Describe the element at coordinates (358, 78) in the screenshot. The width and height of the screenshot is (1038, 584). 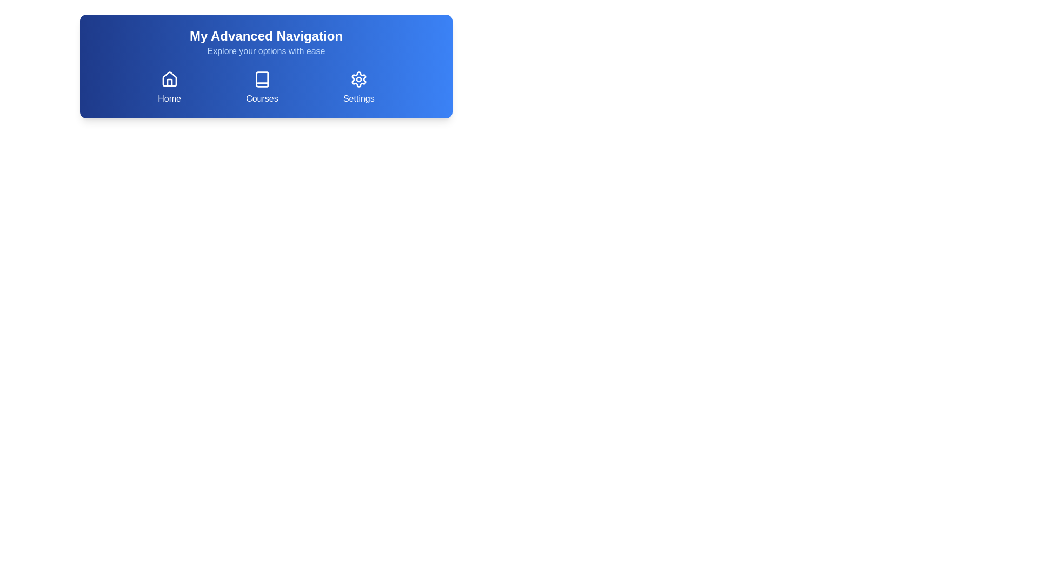
I see `the gear-shaped icon in the navigation bar` at that location.